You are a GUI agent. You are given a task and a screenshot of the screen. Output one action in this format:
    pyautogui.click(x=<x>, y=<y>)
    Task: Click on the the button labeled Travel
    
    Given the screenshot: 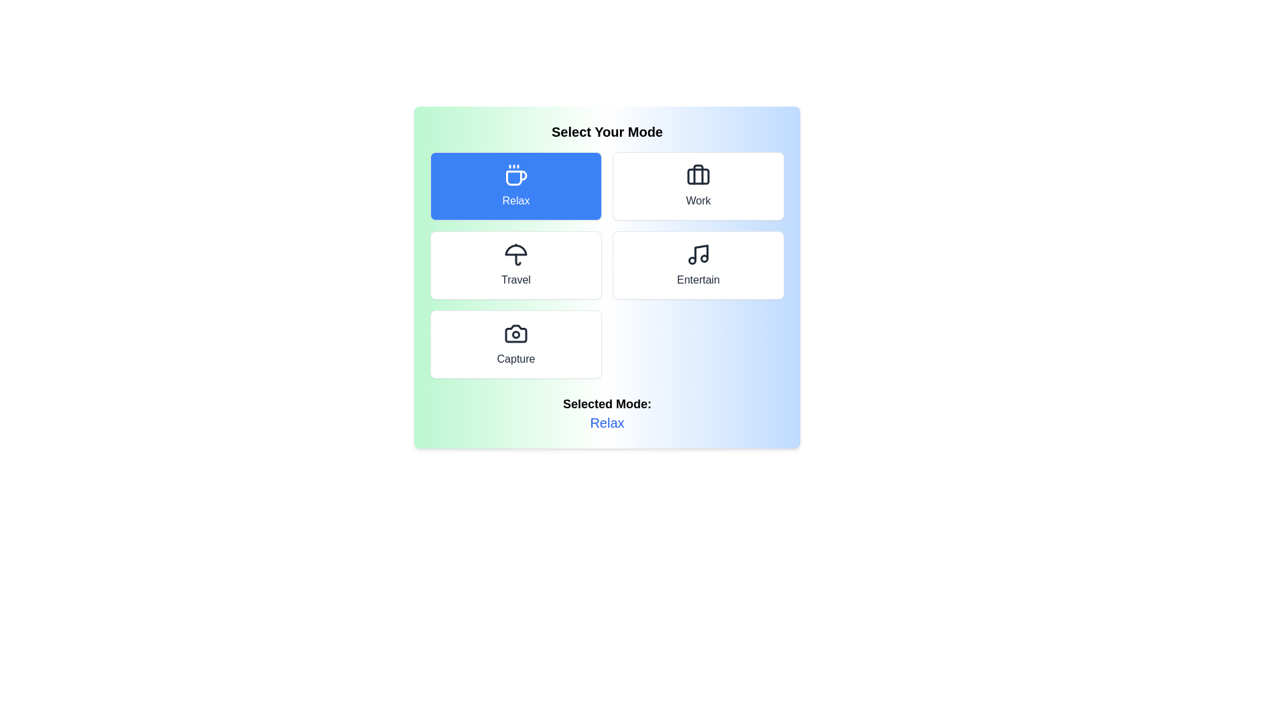 What is the action you would take?
    pyautogui.click(x=515, y=265)
    